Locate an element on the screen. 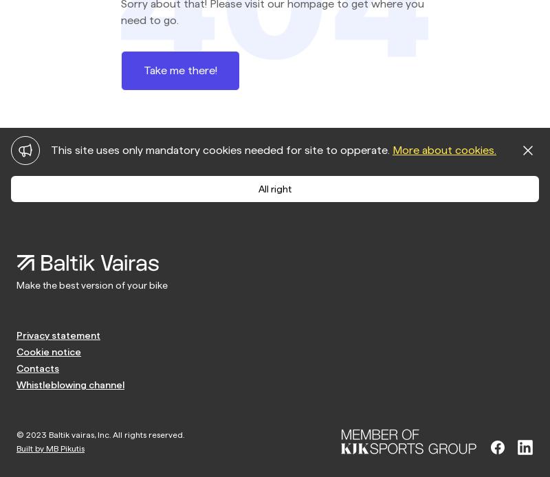 The height and width of the screenshot is (477, 550). 'Take me there!' is located at coordinates (143, 69).